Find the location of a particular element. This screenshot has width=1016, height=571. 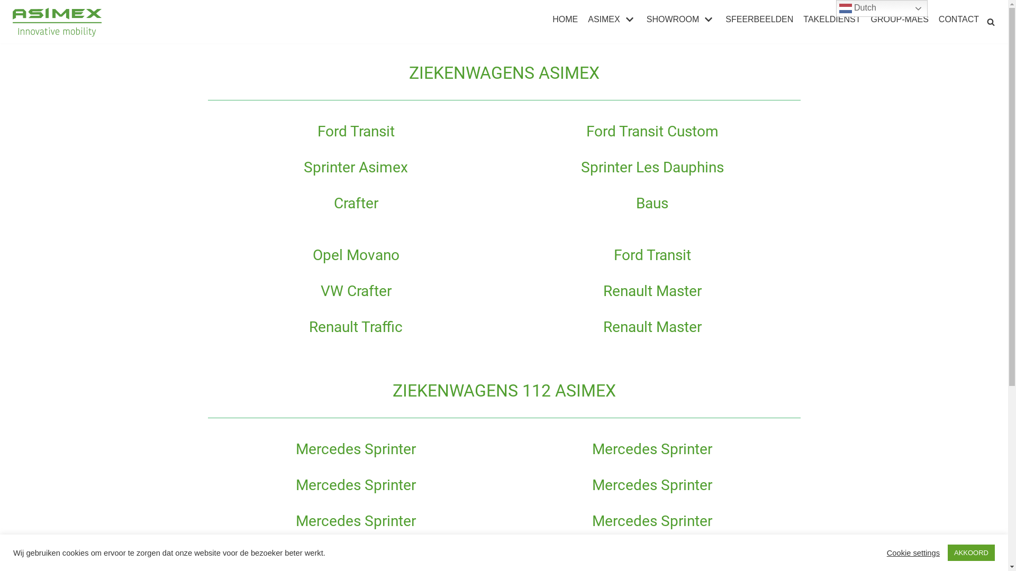

'SFEERBEELDEN' is located at coordinates (759, 20).